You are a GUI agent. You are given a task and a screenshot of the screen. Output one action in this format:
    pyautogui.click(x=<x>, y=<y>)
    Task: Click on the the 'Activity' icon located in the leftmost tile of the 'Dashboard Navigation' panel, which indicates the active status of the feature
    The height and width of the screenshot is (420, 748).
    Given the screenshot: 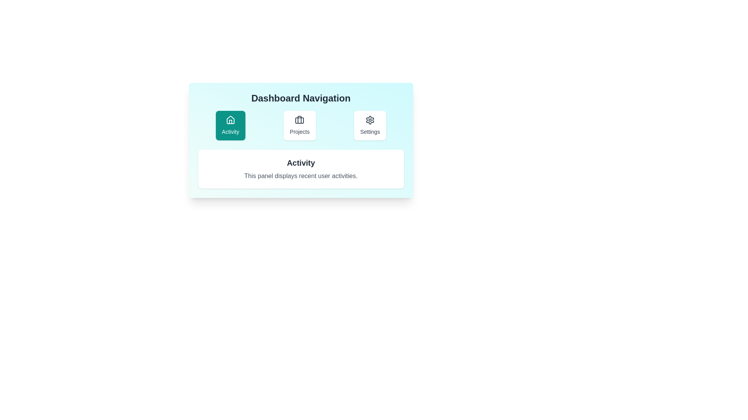 What is the action you would take?
    pyautogui.click(x=230, y=120)
    